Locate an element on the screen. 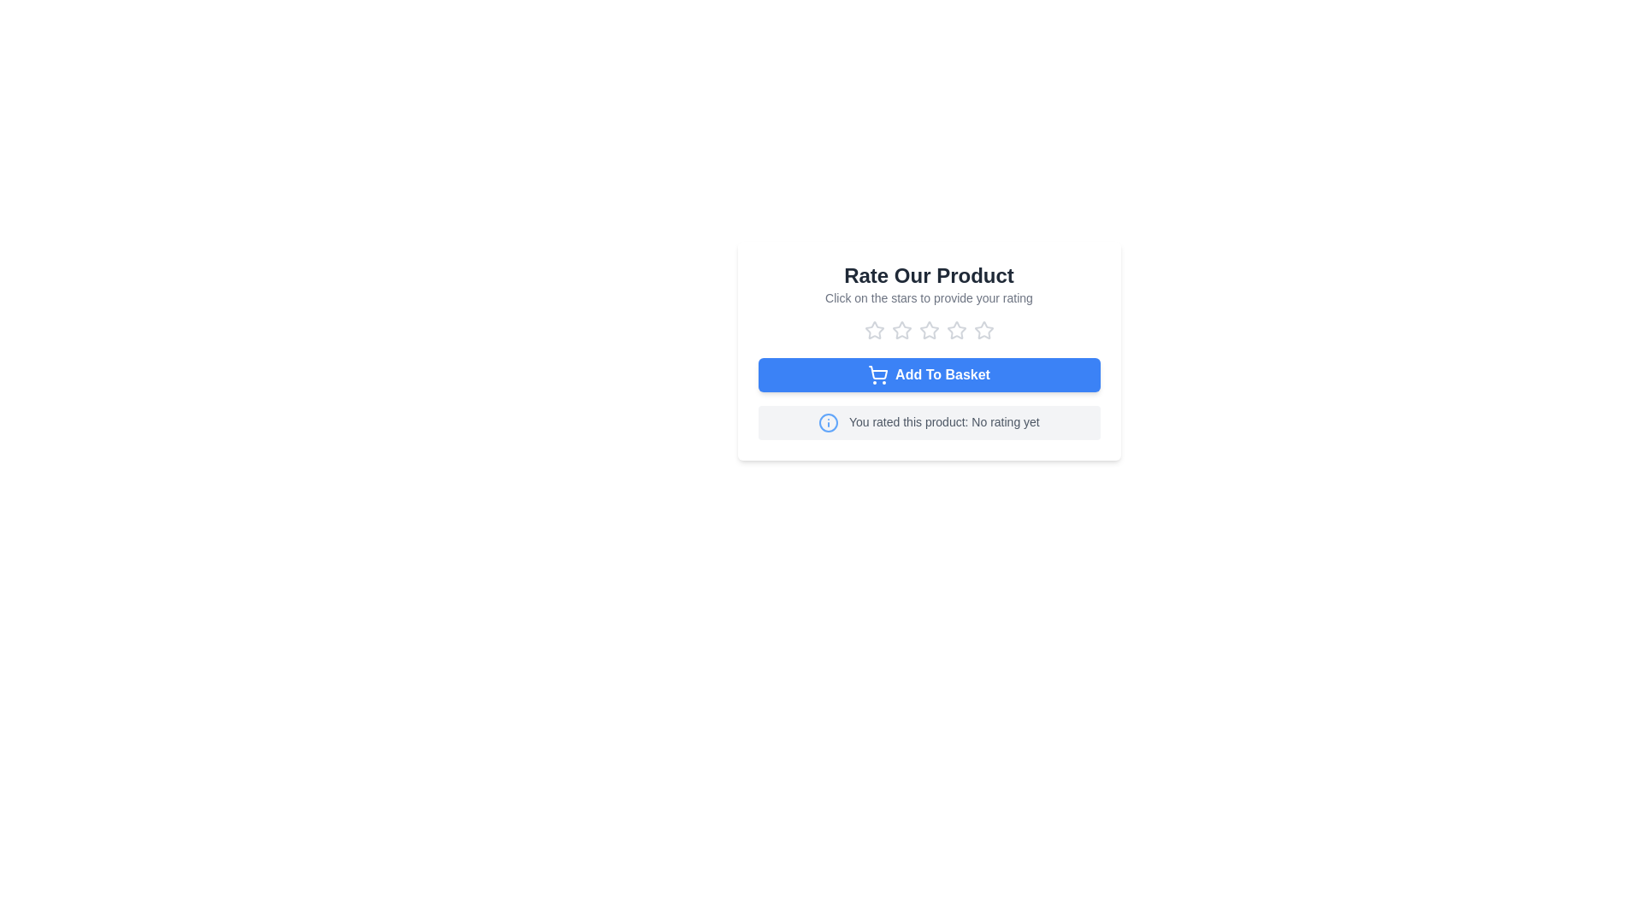  the A rating component consisting of interactive star icons is located at coordinates (928, 330).